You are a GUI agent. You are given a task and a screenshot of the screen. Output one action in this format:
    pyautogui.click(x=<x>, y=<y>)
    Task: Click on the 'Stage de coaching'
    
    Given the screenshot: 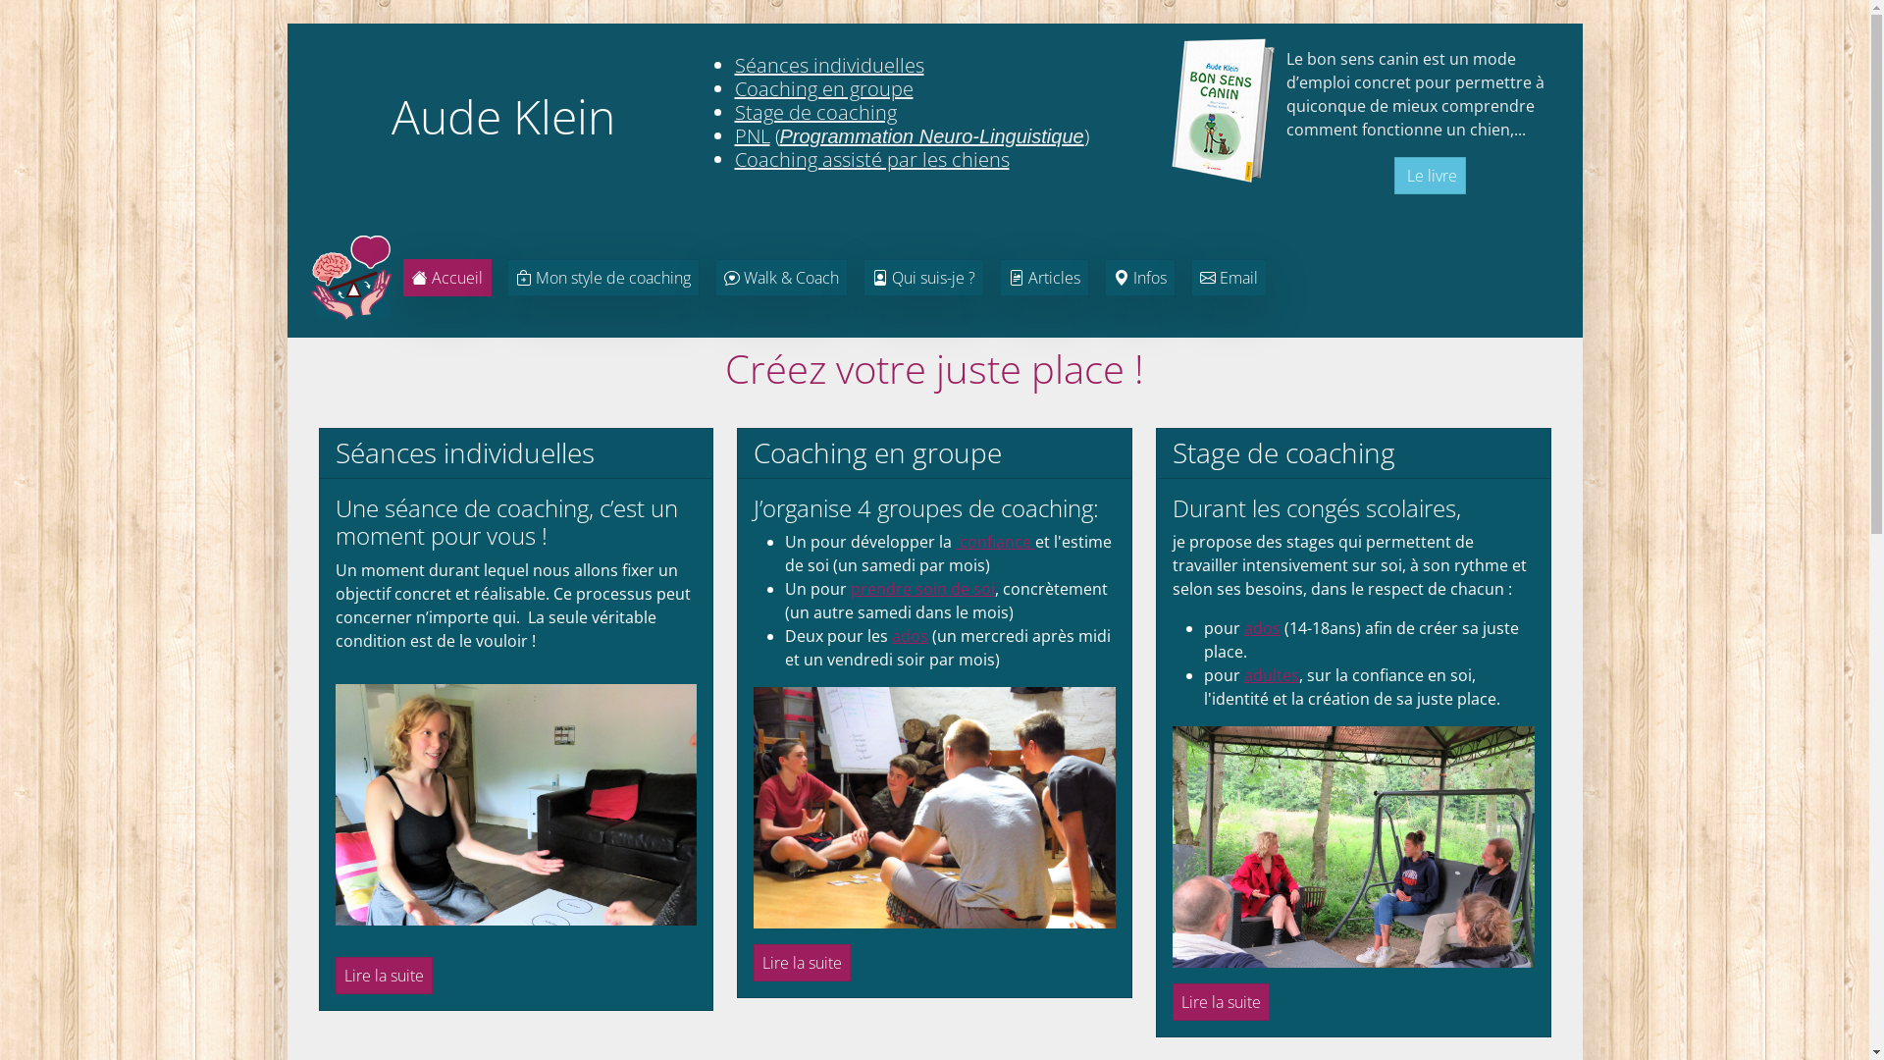 What is the action you would take?
    pyautogui.click(x=814, y=112)
    